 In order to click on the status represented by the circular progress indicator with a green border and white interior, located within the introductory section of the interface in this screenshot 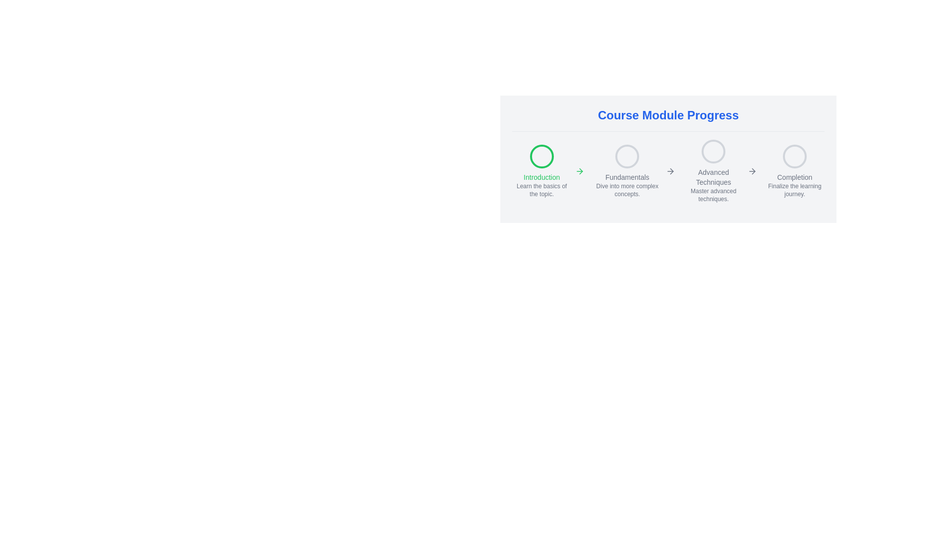, I will do `click(541, 156)`.